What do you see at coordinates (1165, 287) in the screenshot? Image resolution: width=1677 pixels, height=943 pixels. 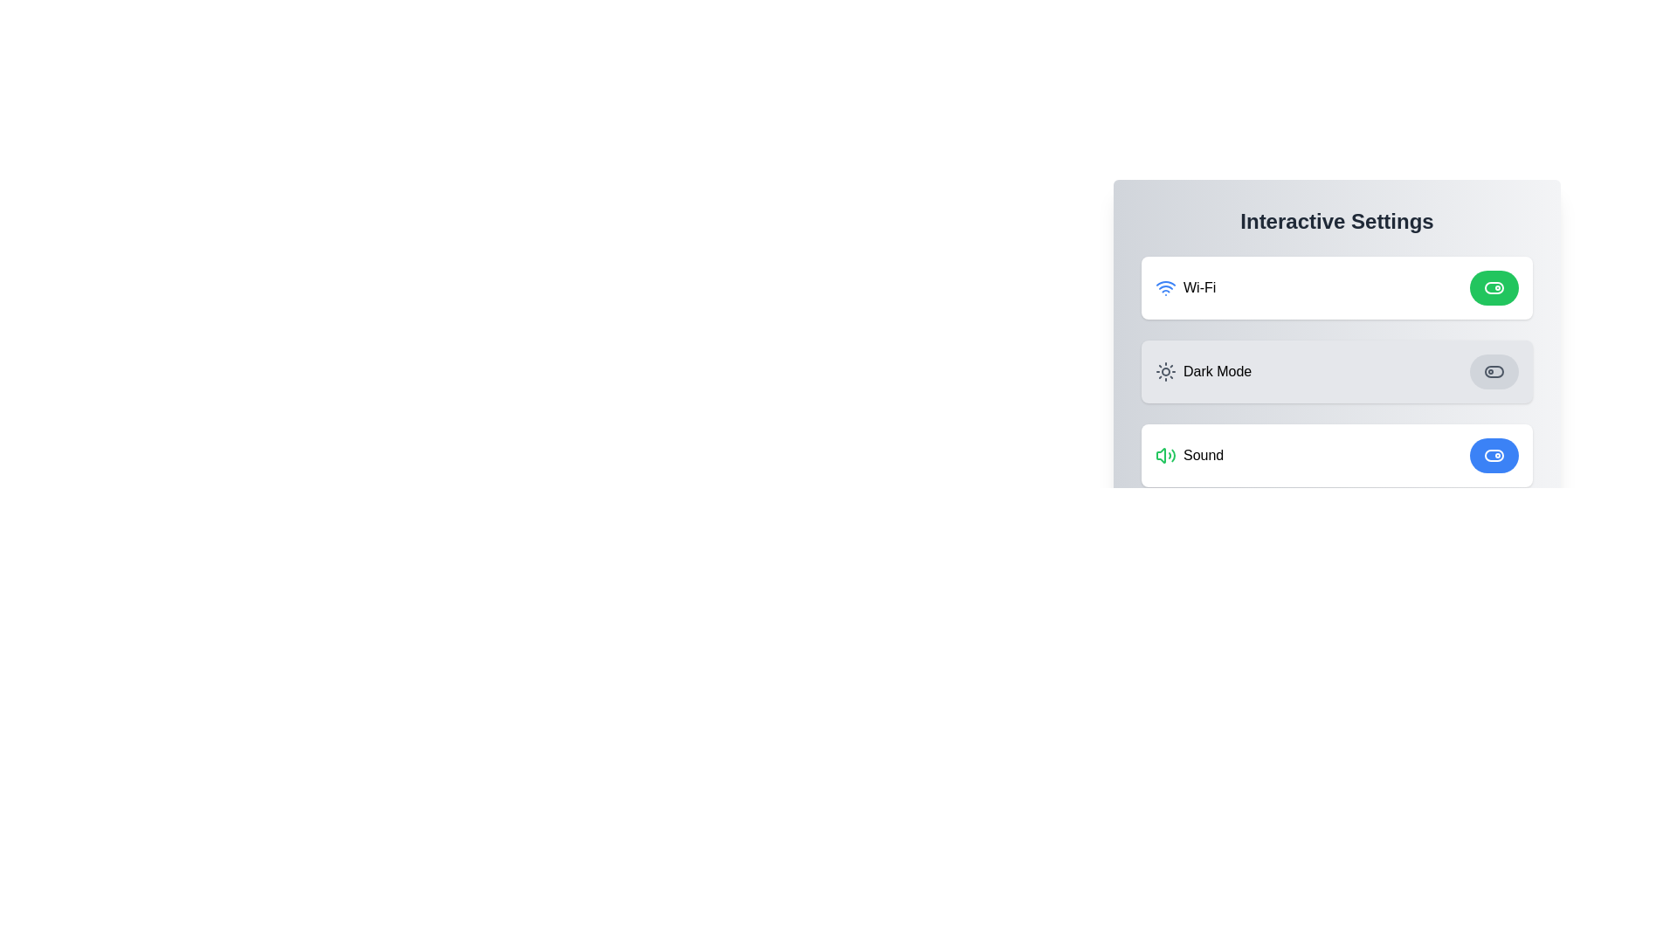 I see `the Wi-Fi settings icon, which is located in the top row of the interactive settings panel, to the left of the 'Wi-Fi' text` at bounding box center [1165, 287].